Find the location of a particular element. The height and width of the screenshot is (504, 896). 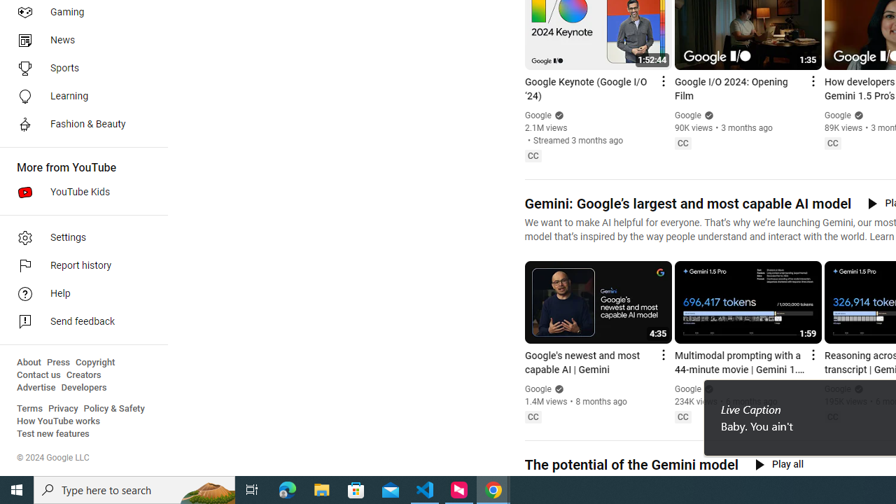

'The potential of the Gemini model' is located at coordinates (630, 465).